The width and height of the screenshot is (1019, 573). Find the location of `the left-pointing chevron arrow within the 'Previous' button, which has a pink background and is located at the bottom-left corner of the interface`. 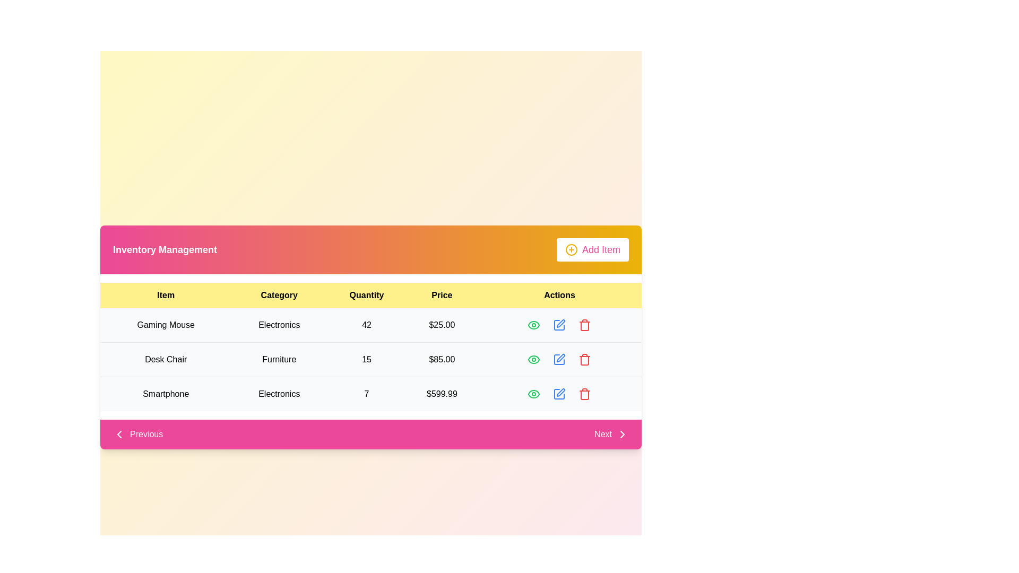

the left-pointing chevron arrow within the 'Previous' button, which has a pink background and is located at the bottom-left corner of the interface is located at coordinates (119, 434).